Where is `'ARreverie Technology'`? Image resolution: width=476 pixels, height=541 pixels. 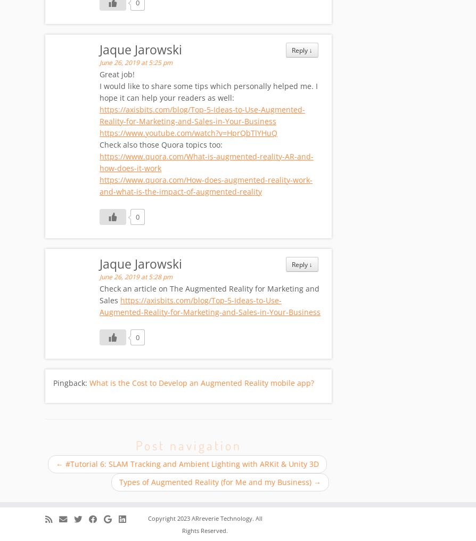 'ARreverie Technology' is located at coordinates (191, 519).